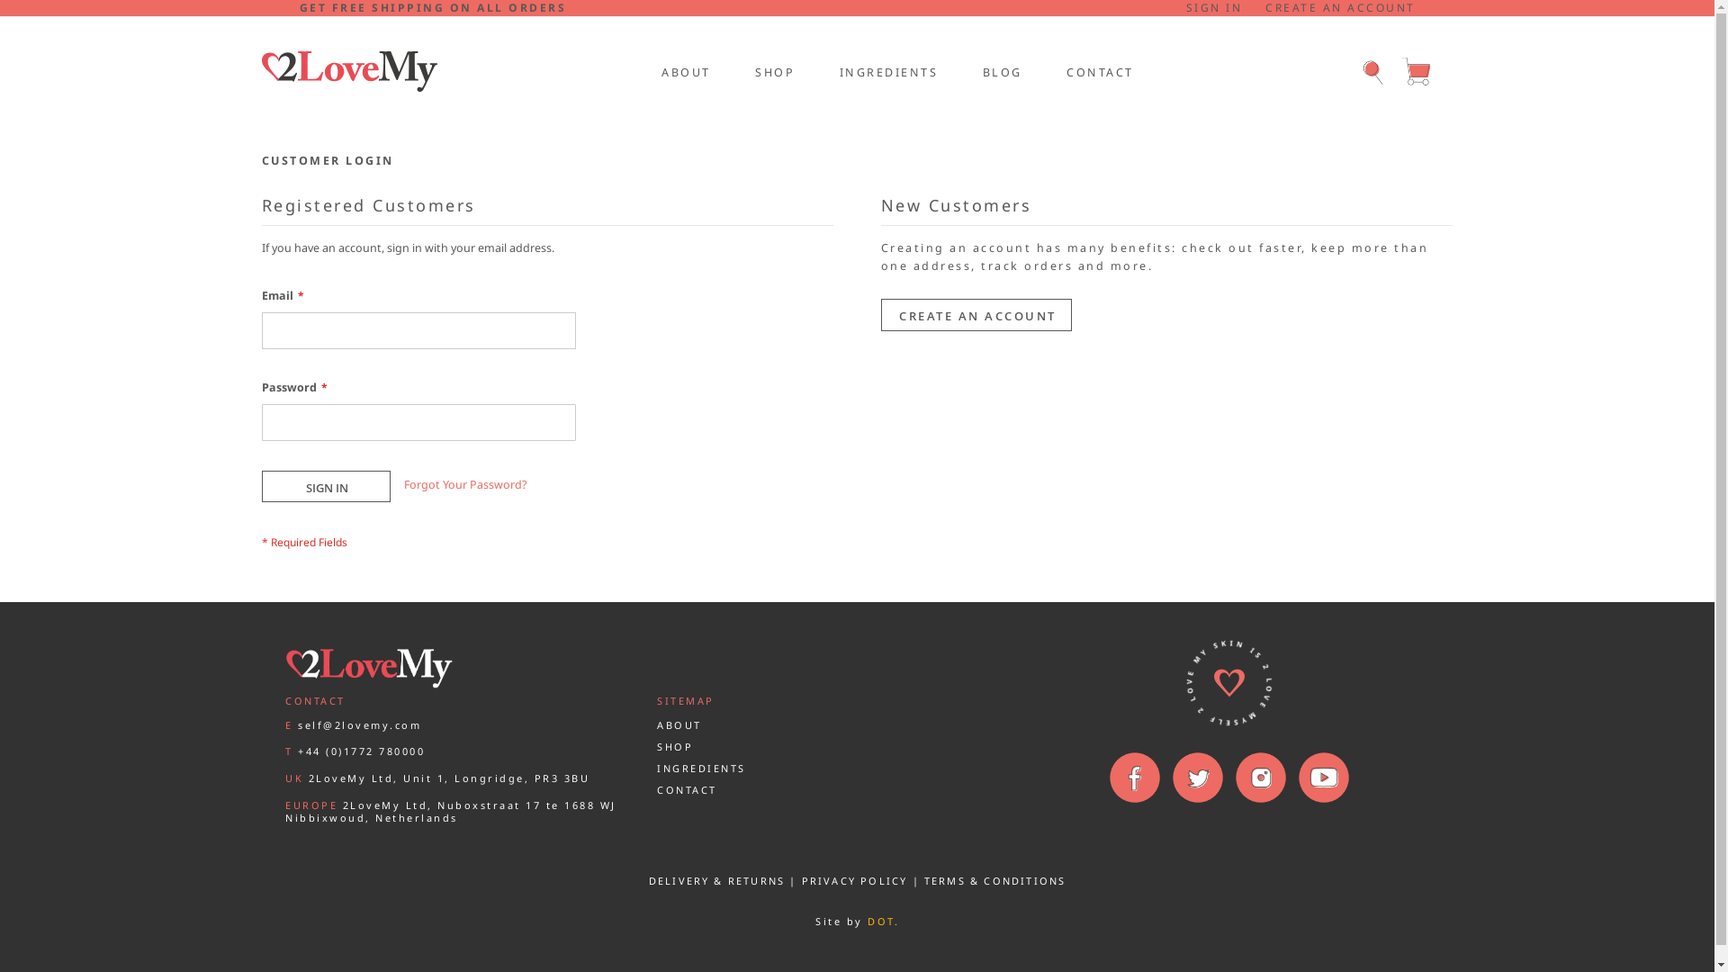 The width and height of the screenshot is (1728, 972). Describe the element at coordinates (715, 879) in the screenshot. I see `'DELIVERY & RETURNS'` at that location.